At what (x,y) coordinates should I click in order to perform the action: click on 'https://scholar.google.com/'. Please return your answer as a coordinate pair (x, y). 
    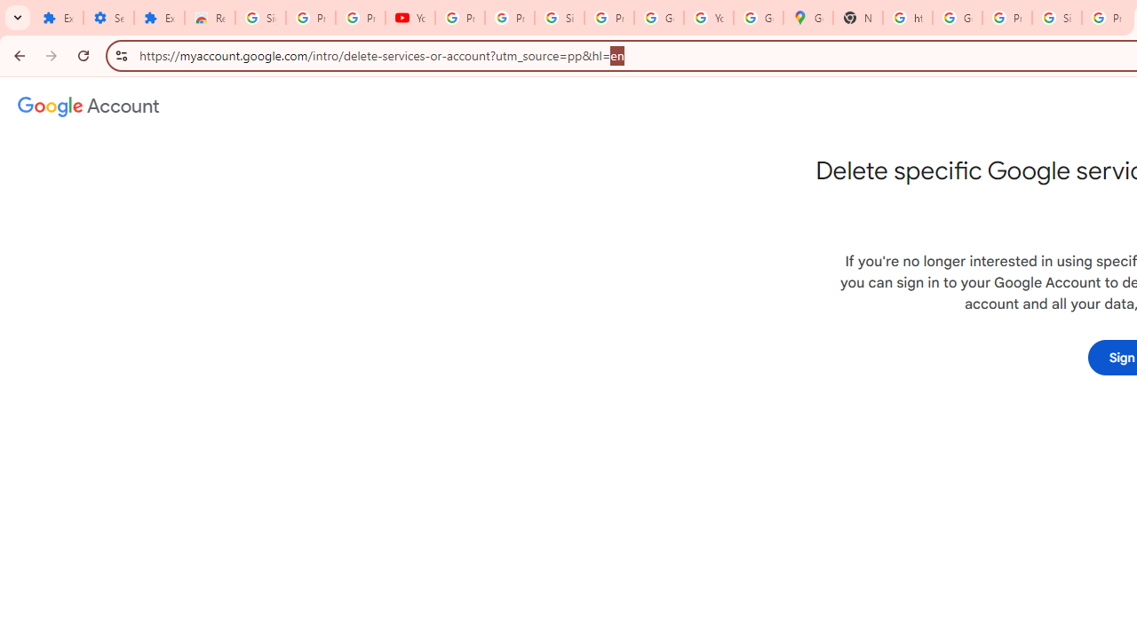
    Looking at the image, I should click on (908, 18).